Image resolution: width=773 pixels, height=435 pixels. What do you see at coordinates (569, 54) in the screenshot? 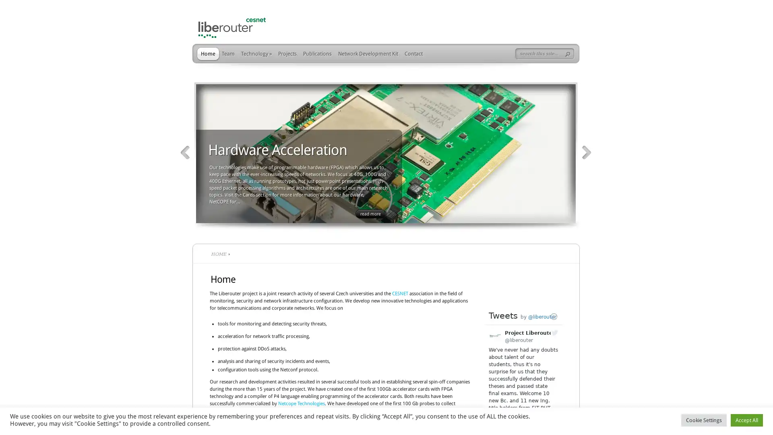
I see `Submit` at bounding box center [569, 54].